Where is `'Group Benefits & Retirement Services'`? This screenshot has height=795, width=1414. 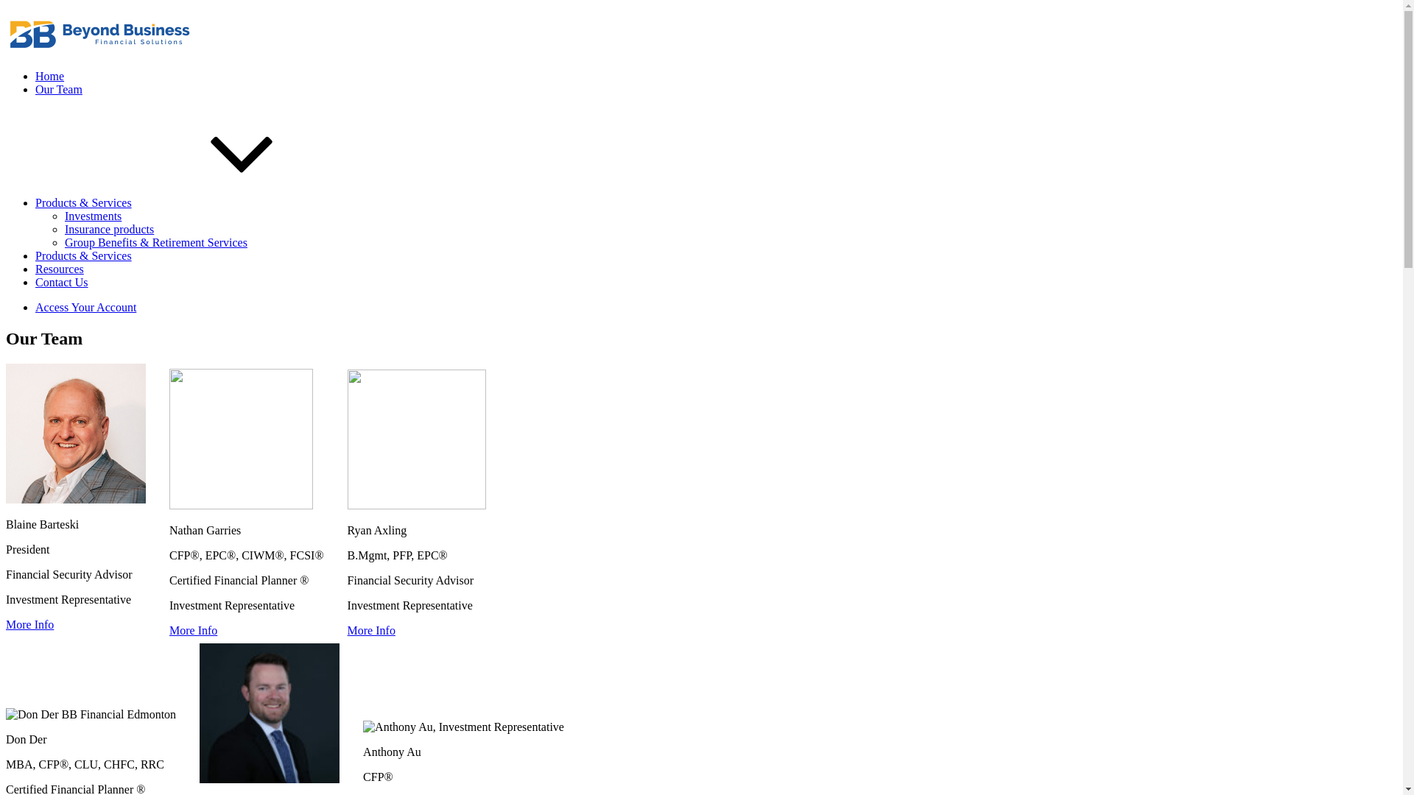
'Group Benefits & Retirement Services' is located at coordinates (155, 241).